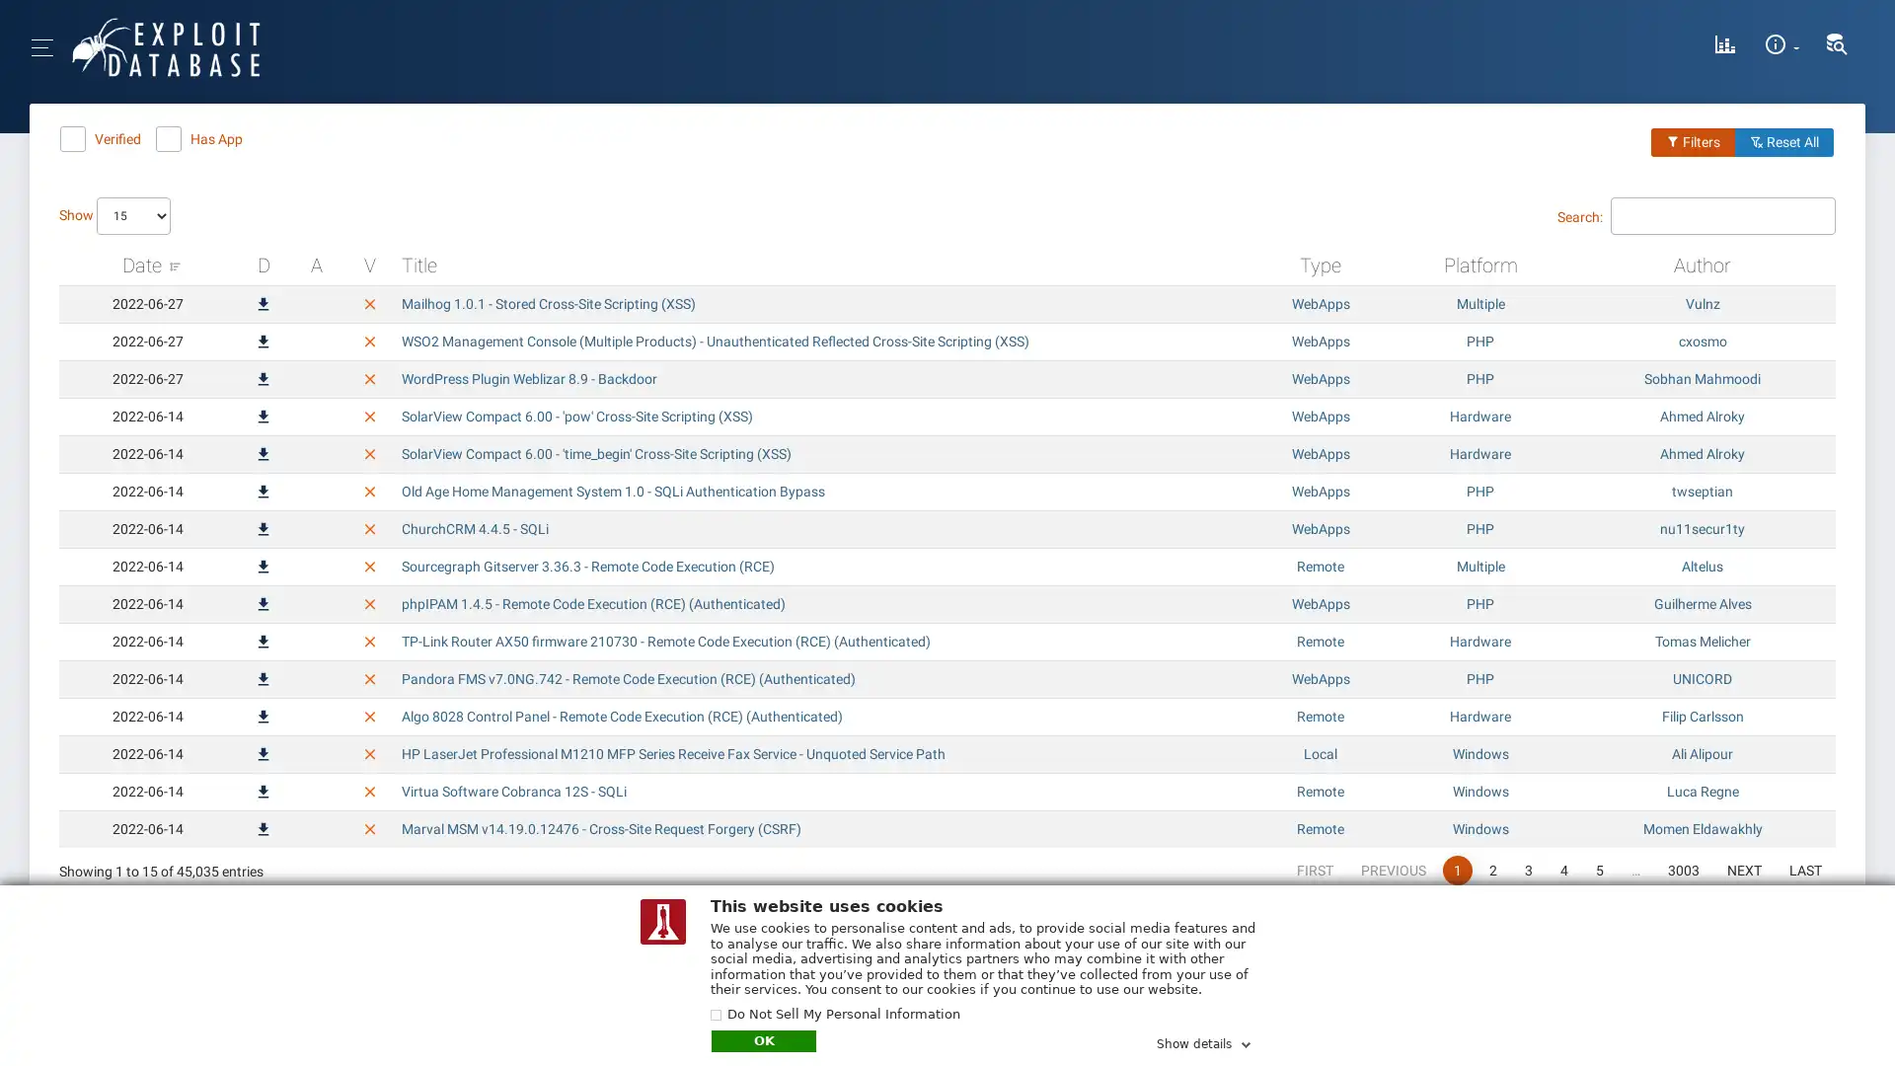 The height and width of the screenshot is (1066, 1895). I want to click on Toggle Navigation, so click(126, 45).